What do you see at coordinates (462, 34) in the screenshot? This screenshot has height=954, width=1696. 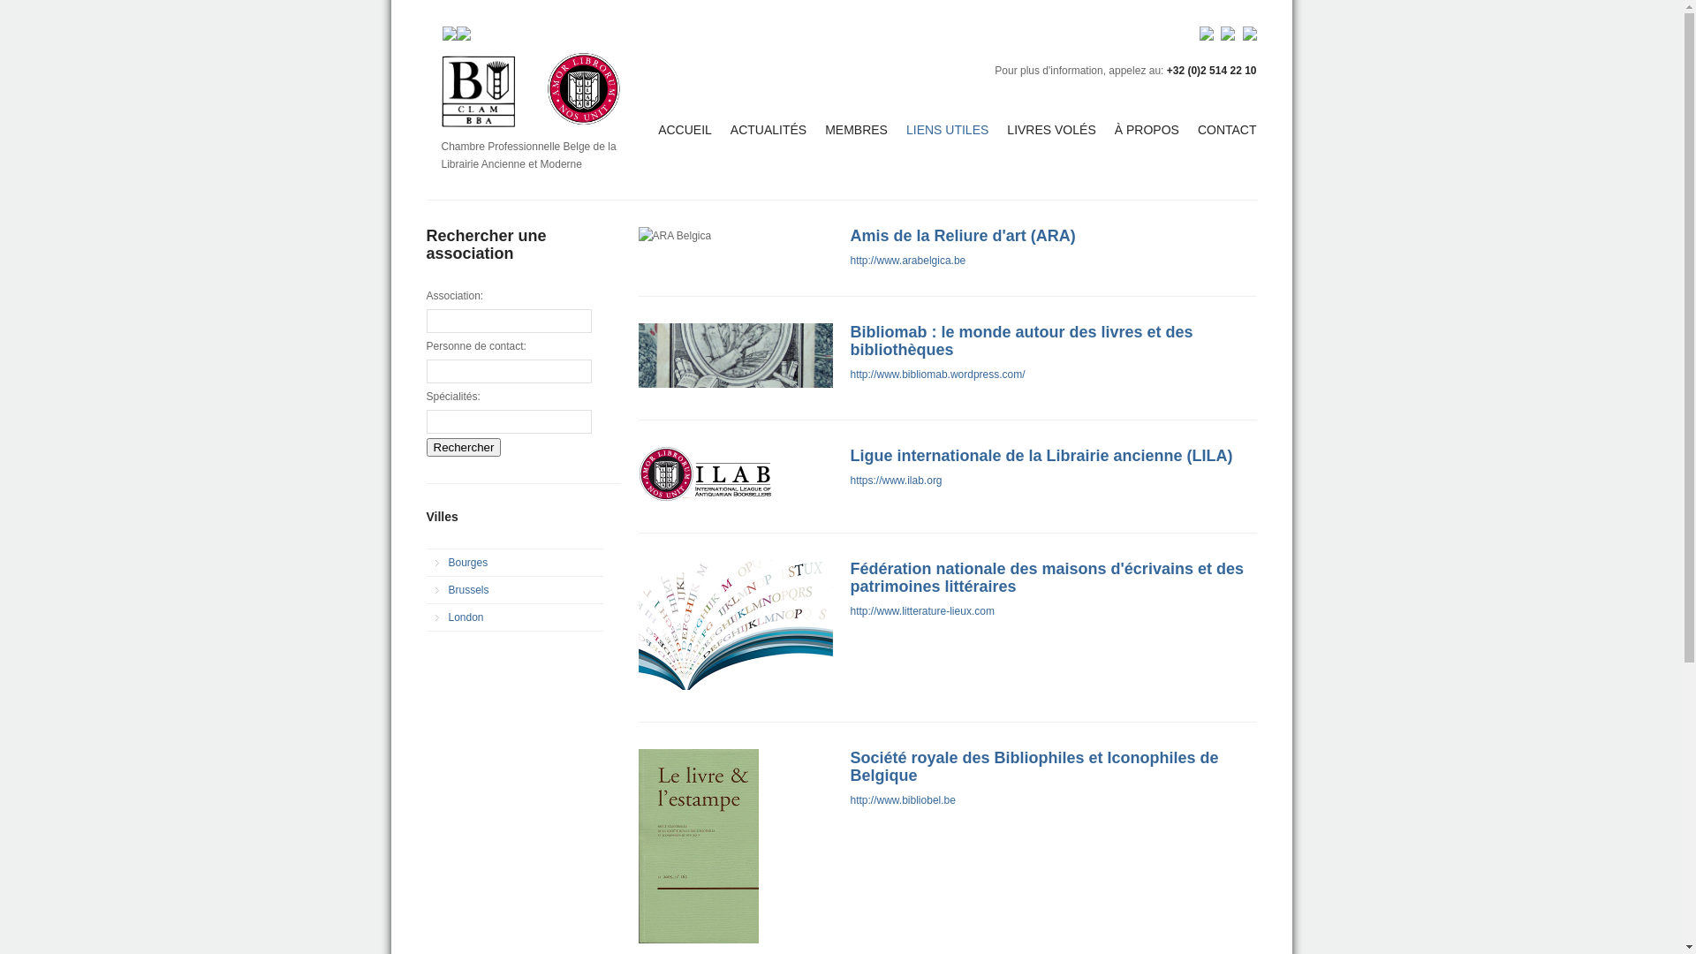 I see `'Twitter'` at bounding box center [462, 34].